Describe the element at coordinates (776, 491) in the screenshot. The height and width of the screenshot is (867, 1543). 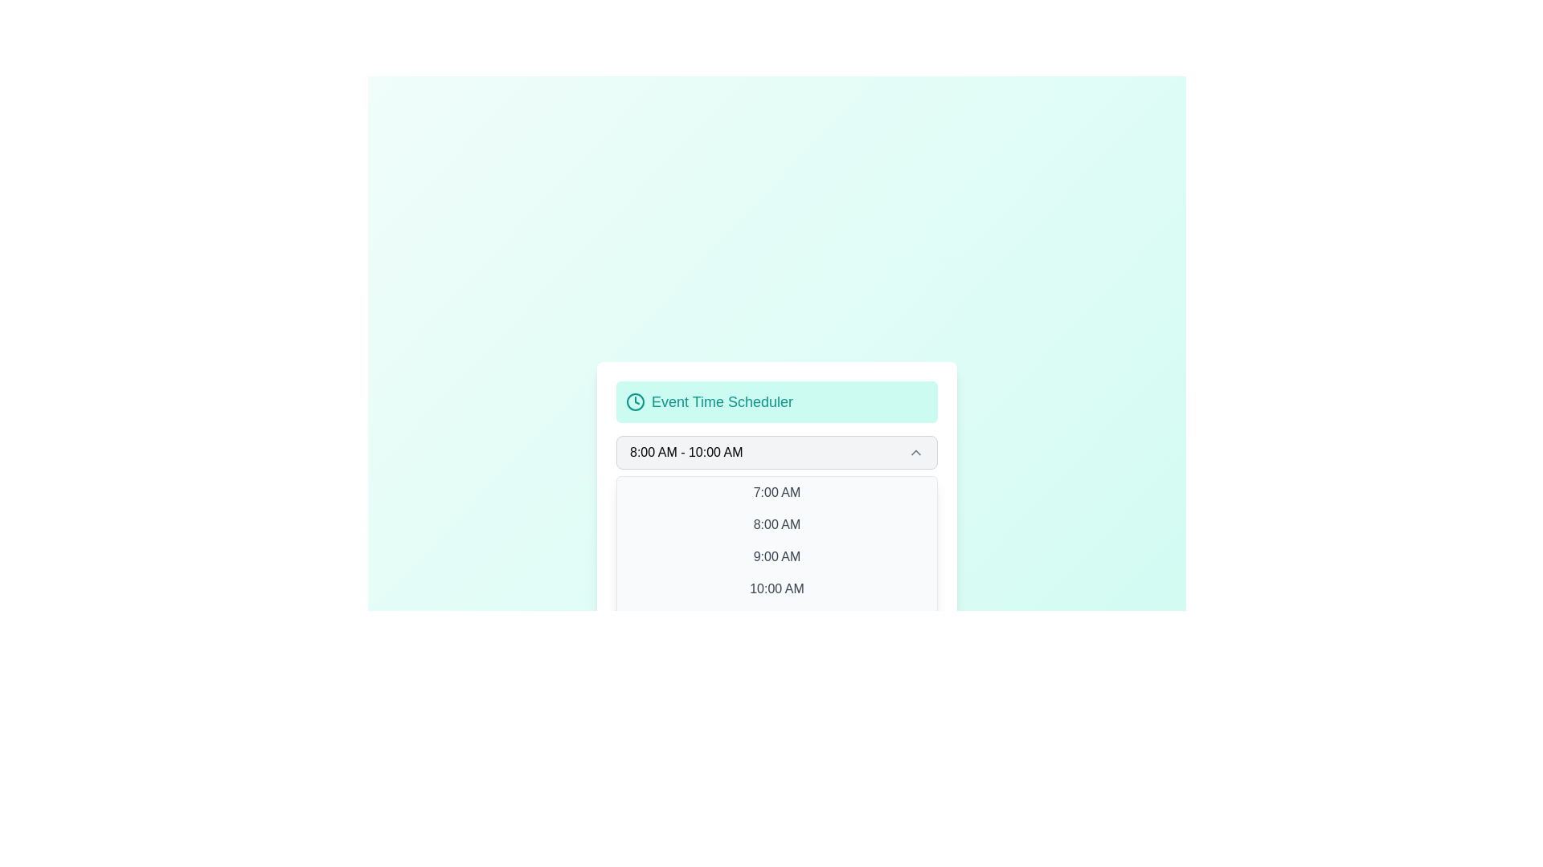
I see `the dropdown list item displaying '7:00 AM'` at that location.